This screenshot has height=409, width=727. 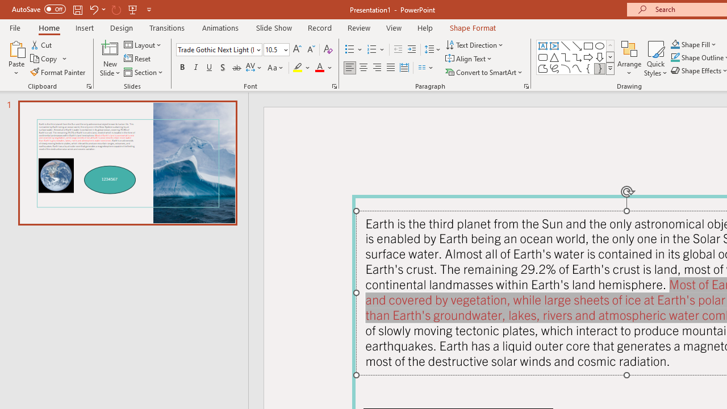 What do you see at coordinates (469, 59) in the screenshot?
I see `'Align Text'` at bounding box center [469, 59].